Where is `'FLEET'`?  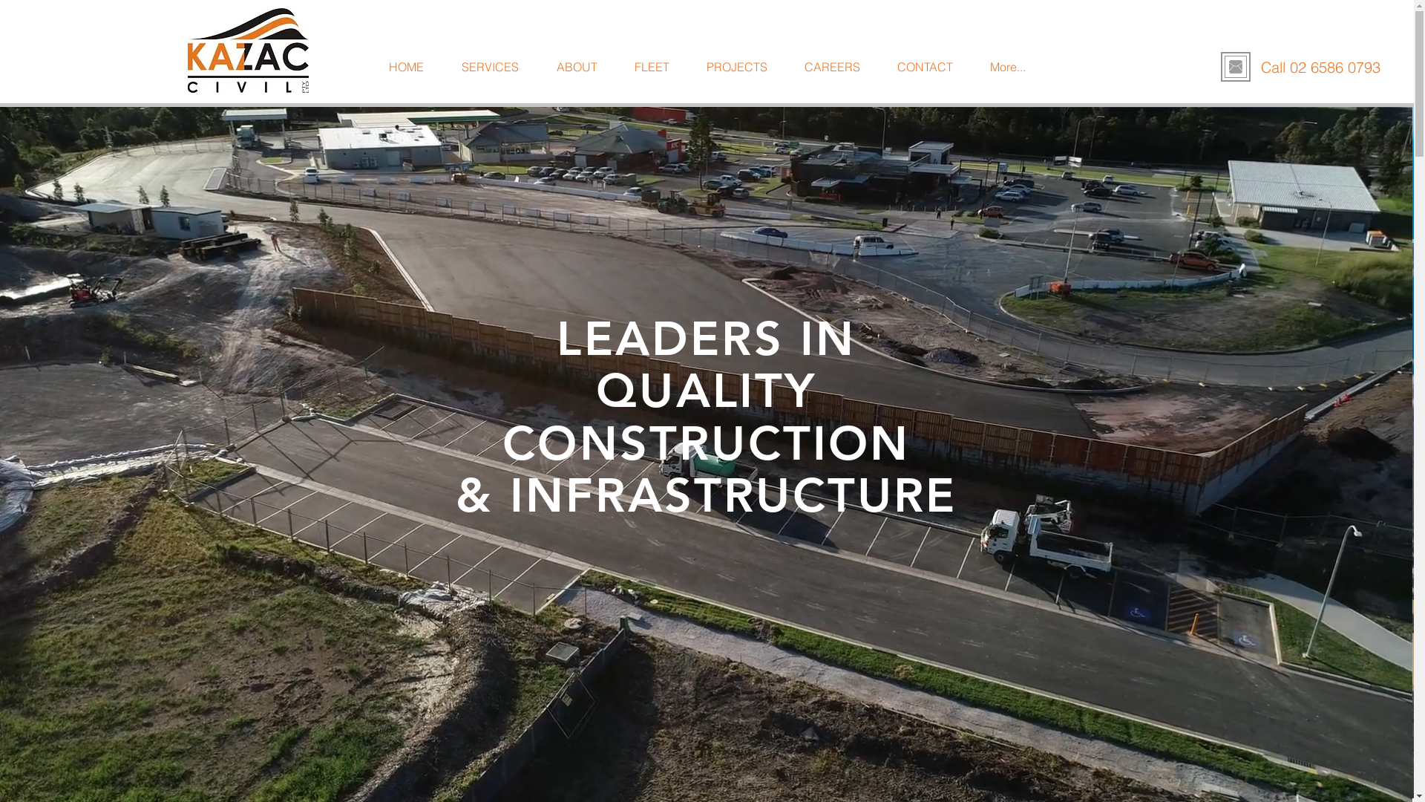
'FLEET' is located at coordinates (652, 67).